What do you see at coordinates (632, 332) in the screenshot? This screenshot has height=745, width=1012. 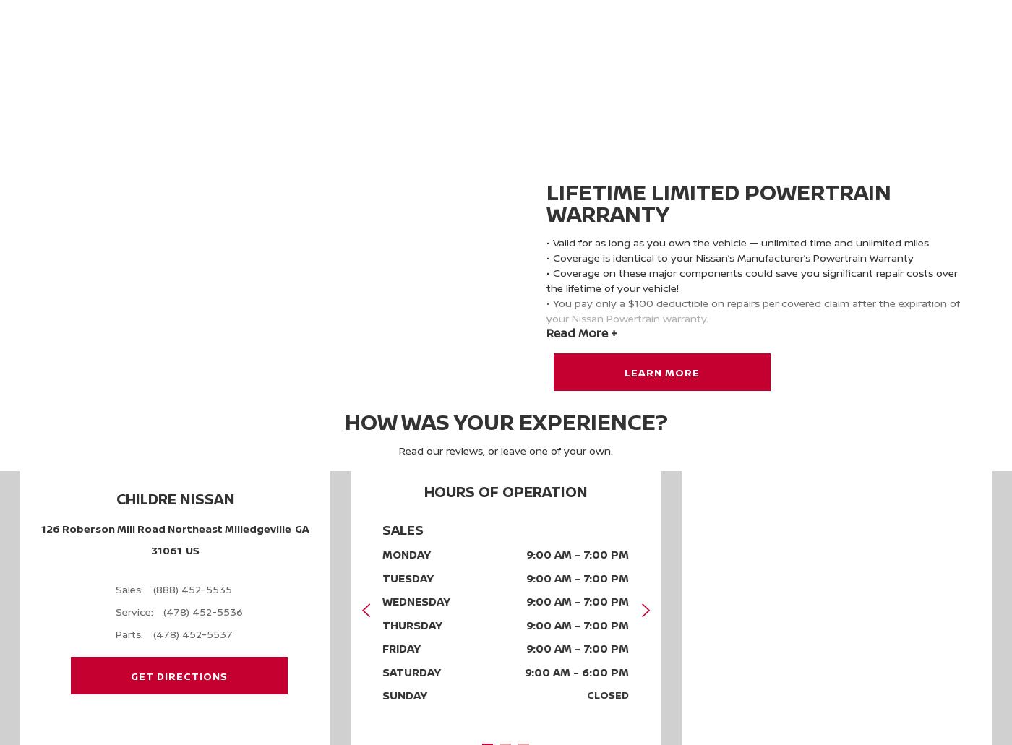 I see `'• Coverage extends across the USA'` at bounding box center [632, 332].